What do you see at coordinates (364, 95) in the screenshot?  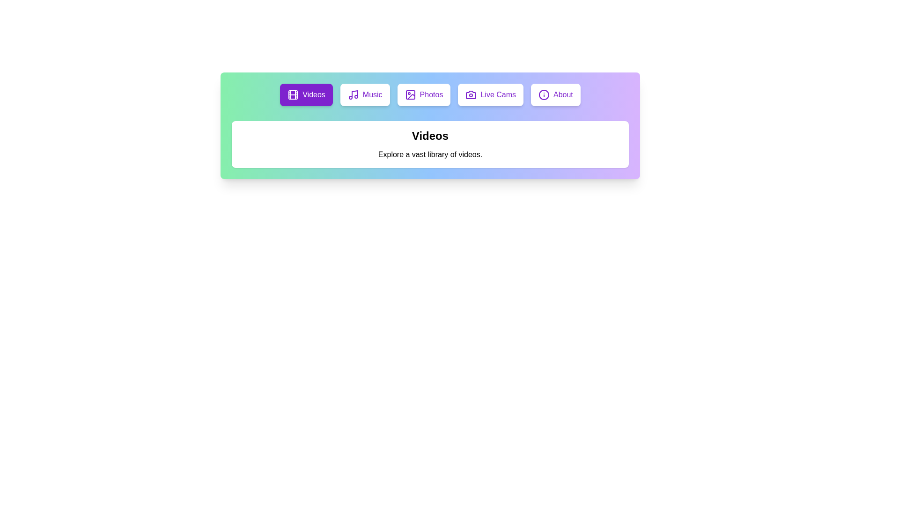 I see `the tab labeled Music to switch to that tab` at bounding box center [364, 95].